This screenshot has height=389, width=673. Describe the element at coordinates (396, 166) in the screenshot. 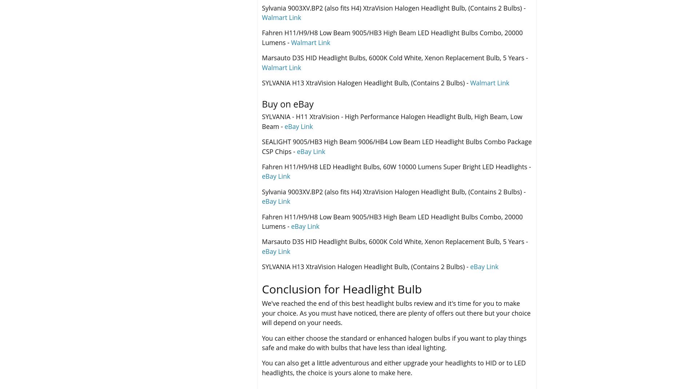

I see `'Fahren H11/H9/H8 LED Headlight Bulbs, 60W 10000 Lumens Super Bright LED Headlights -'` at that location.